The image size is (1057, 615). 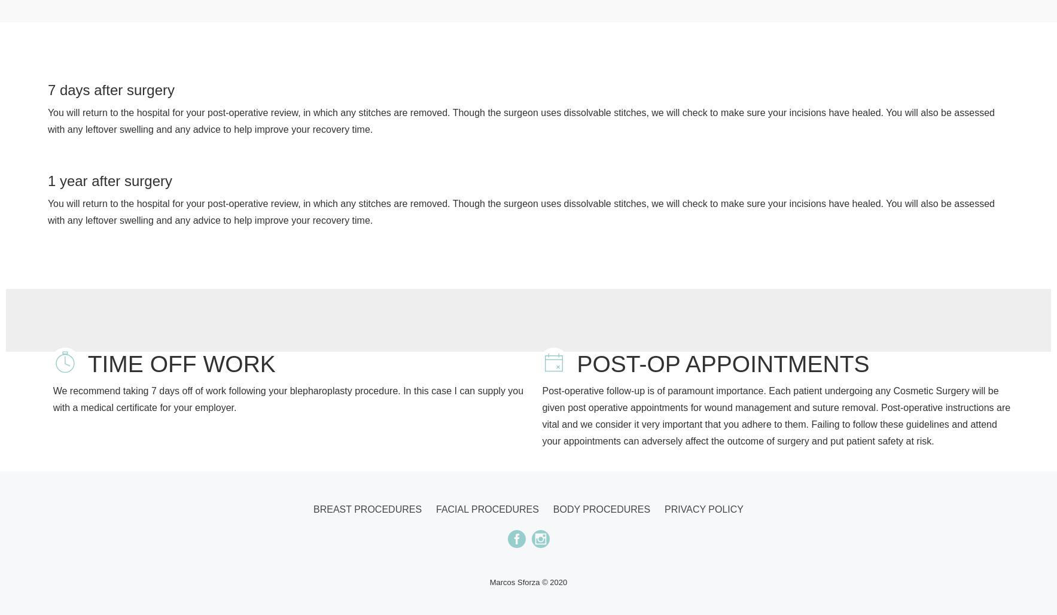 I want to click on 'Breast procedures', so click(x=367, y=509).